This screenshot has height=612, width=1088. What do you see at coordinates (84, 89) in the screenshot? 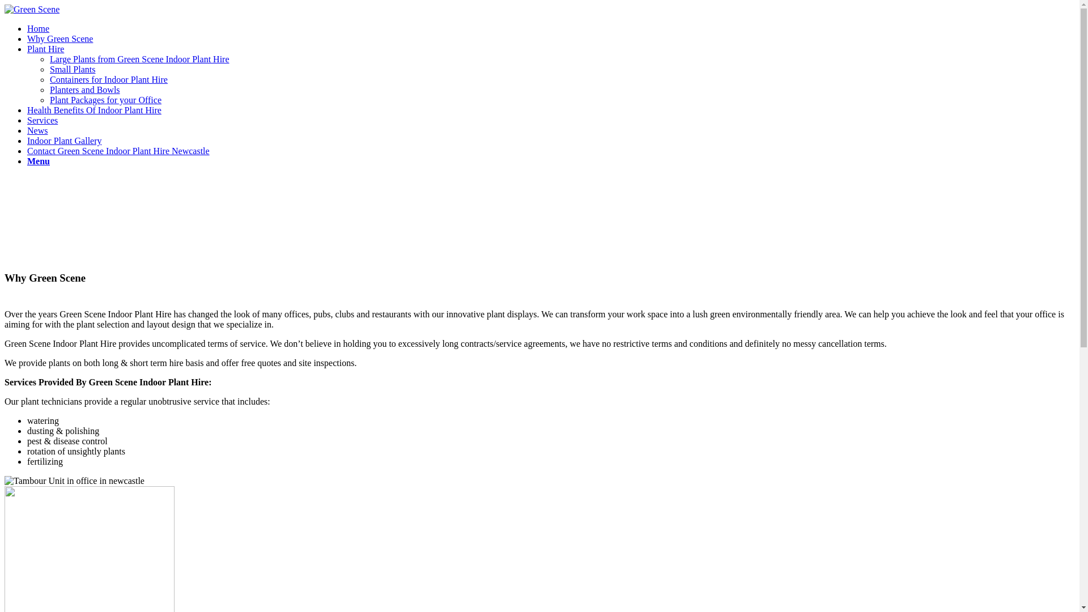
I see `'Planters and Bowls'` at bounding box center [84, 89].